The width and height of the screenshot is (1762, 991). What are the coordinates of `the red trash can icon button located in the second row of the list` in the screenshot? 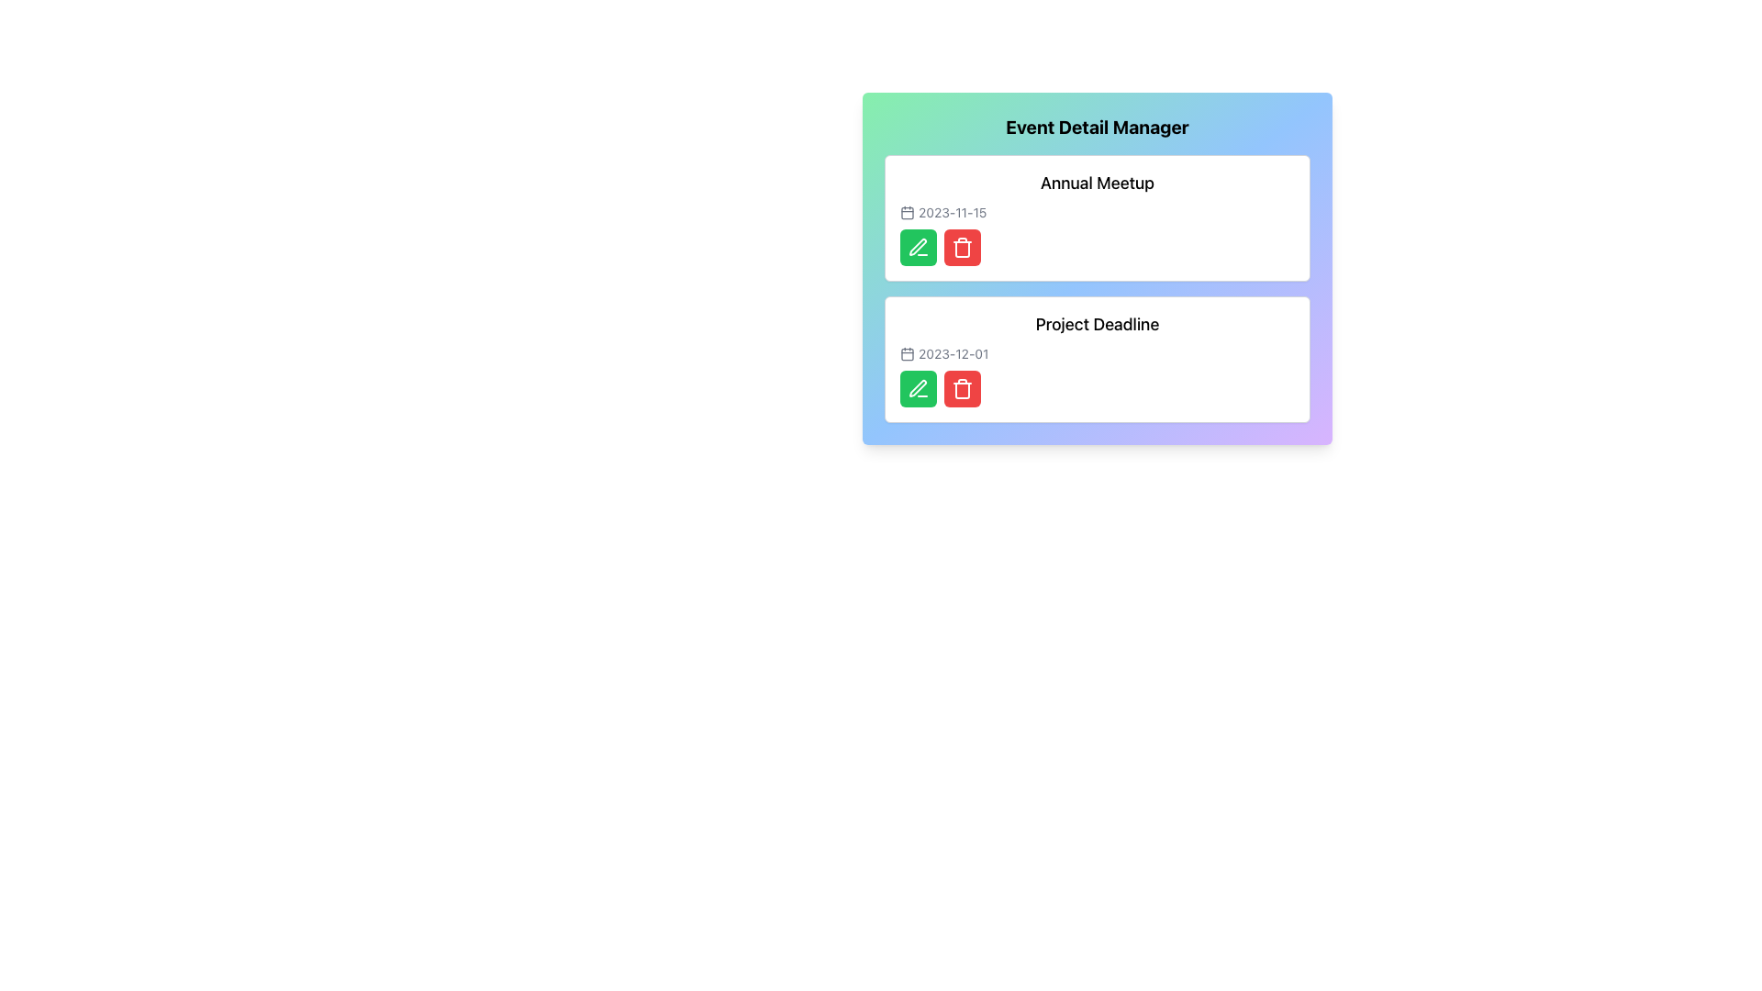 It's located at (962, 248).